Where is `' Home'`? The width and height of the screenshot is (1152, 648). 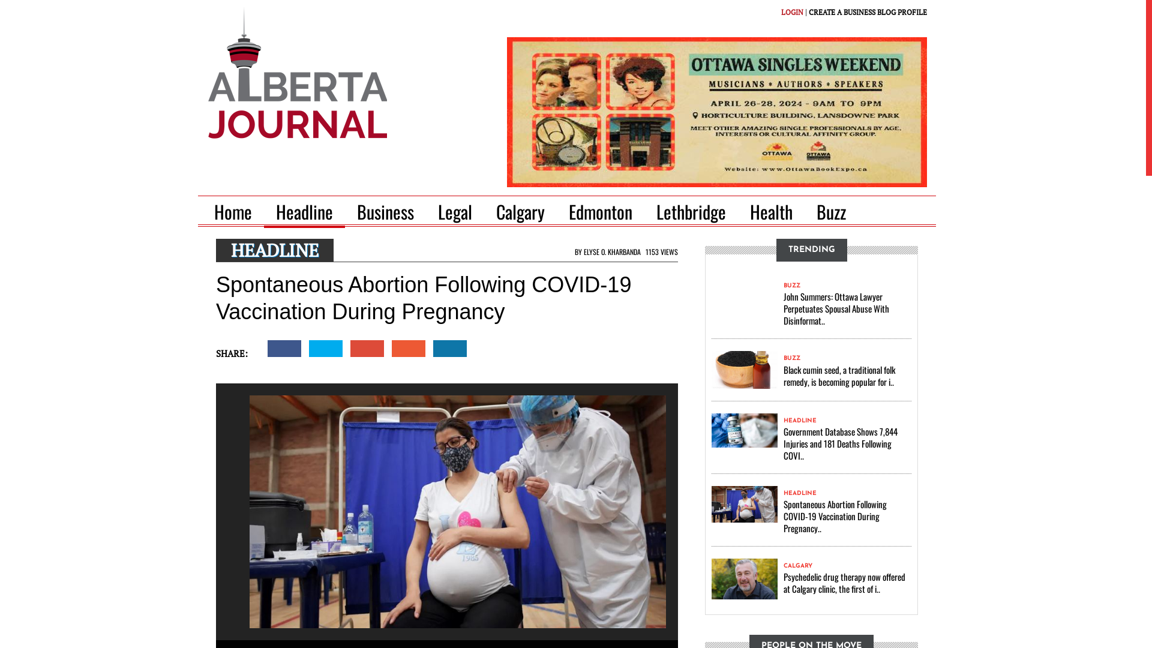 ' Home' is located at coordinates (236, 211).